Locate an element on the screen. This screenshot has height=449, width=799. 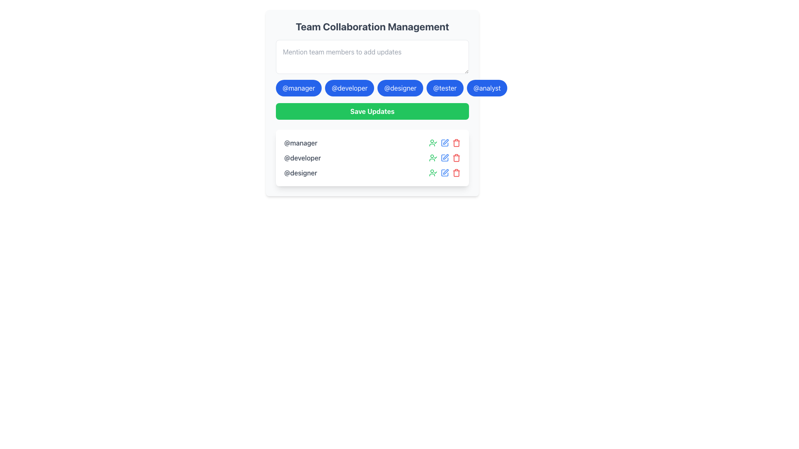
the small blue edit icon (pencil) located between the green user icon and the red delete icon in the third user entry list is located at coordinates (444, 173).